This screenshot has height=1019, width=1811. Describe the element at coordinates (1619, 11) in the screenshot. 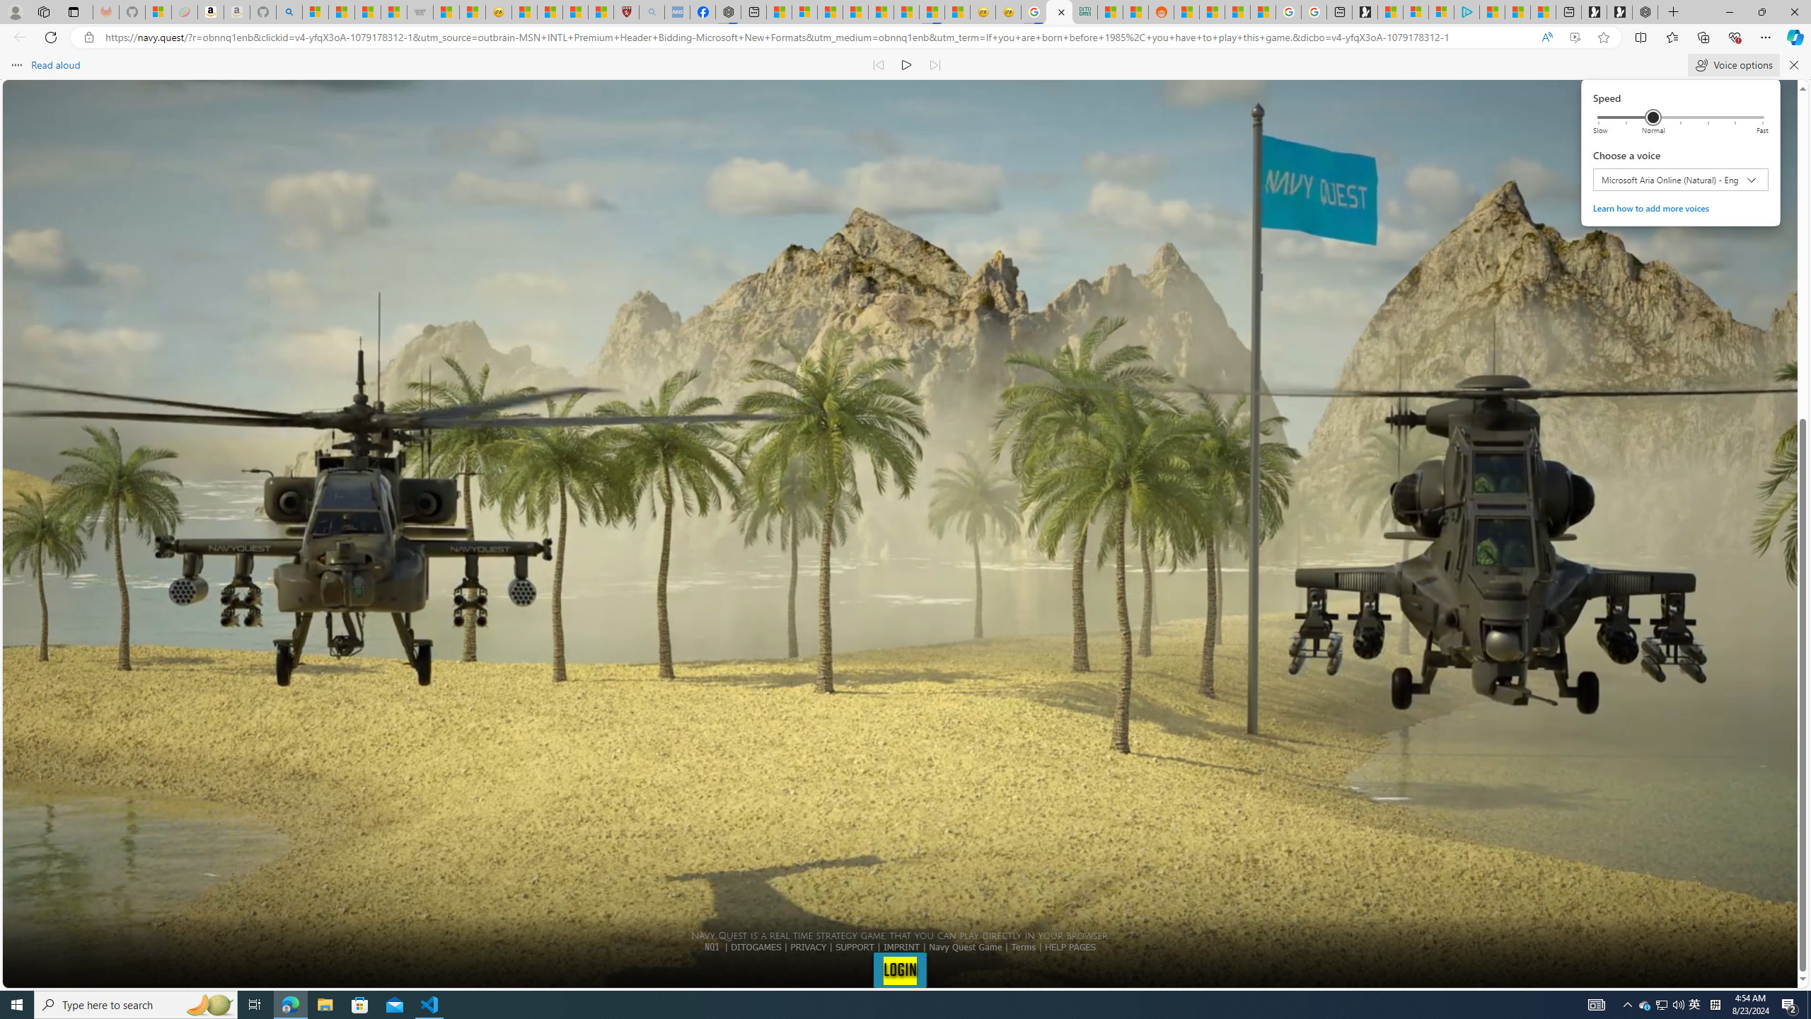

I see `'Play Free Online Games | Games from Microsoft Start'` at that location.